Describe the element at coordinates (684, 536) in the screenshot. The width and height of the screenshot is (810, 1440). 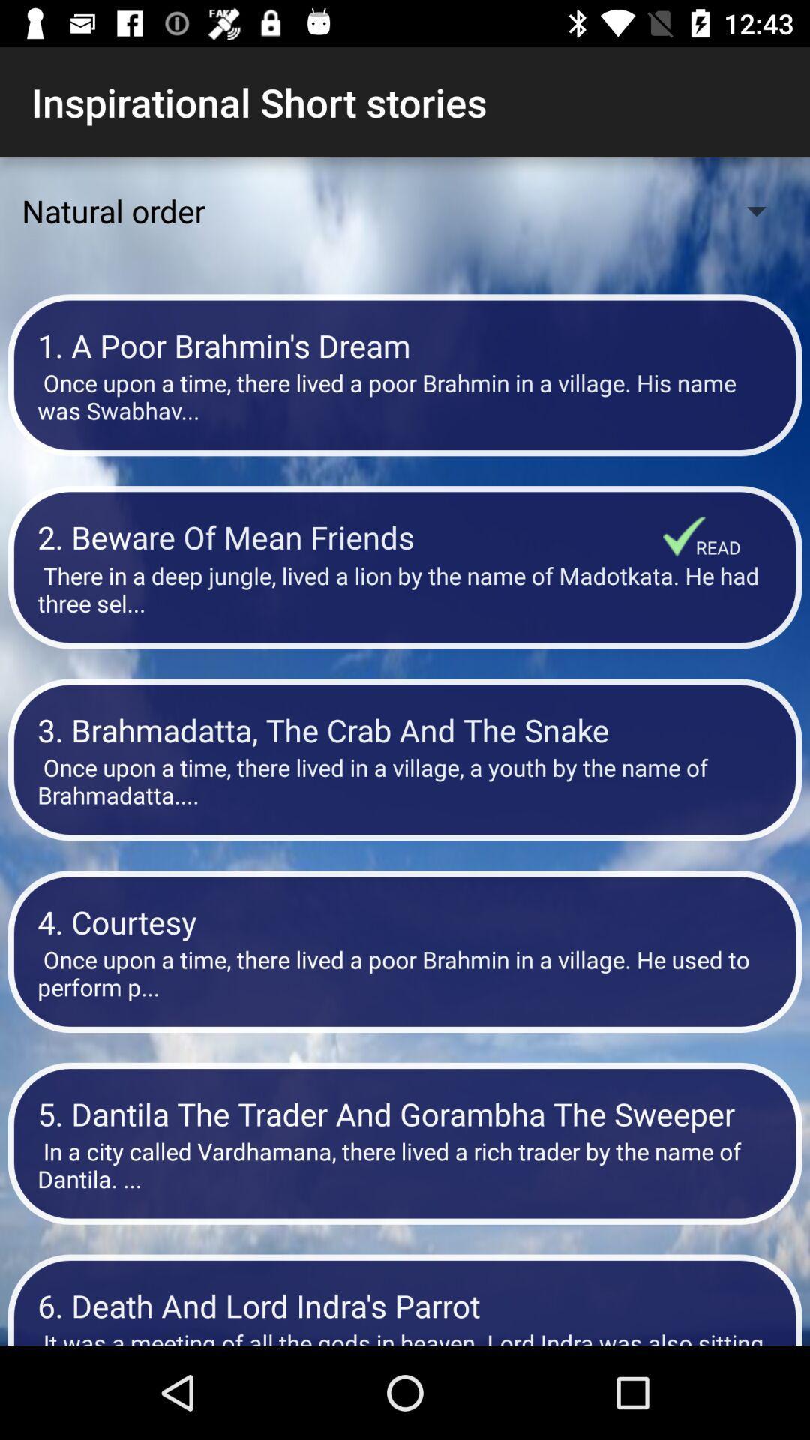
I see `the item to the right of the 2 beware of` at that location.